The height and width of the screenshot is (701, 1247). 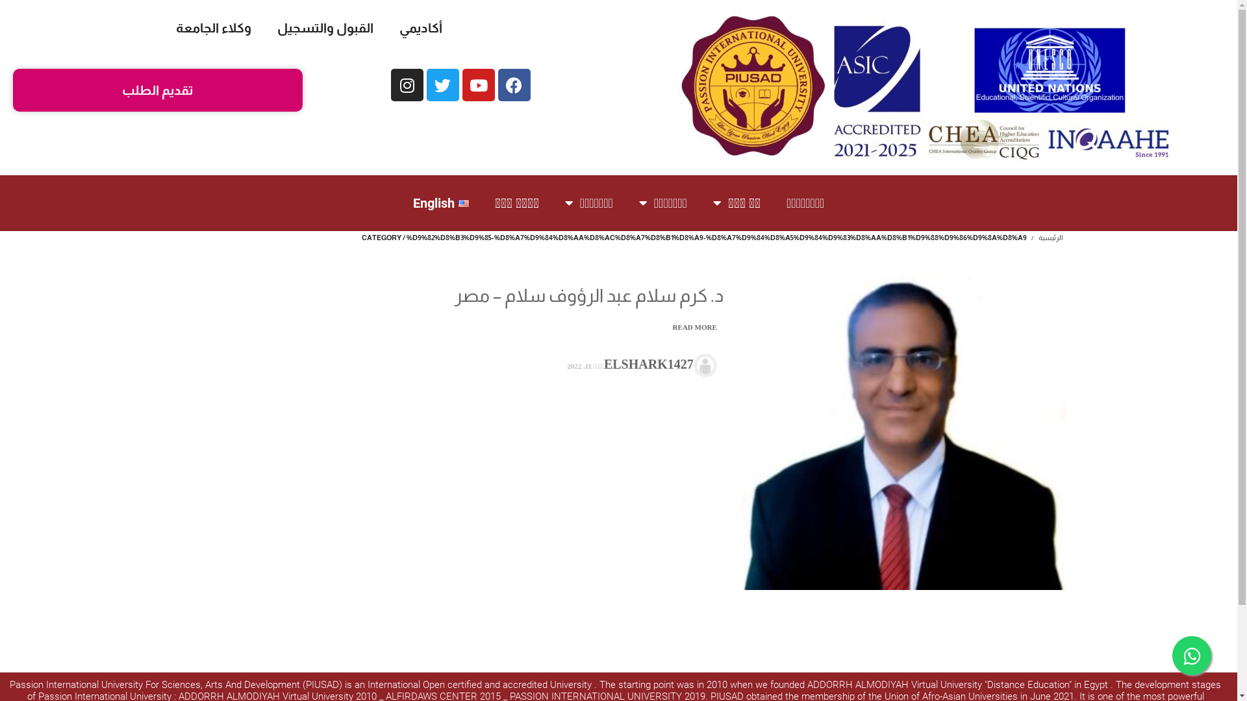 I want to click on 'READ MORE', so click(x=692, y=326).